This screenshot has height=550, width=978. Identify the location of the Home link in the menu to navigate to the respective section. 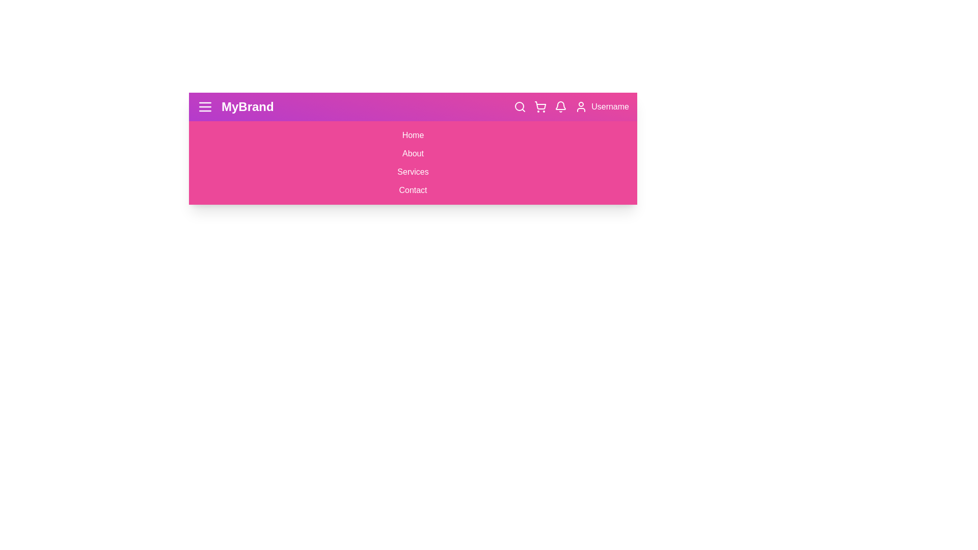
(413, 135).